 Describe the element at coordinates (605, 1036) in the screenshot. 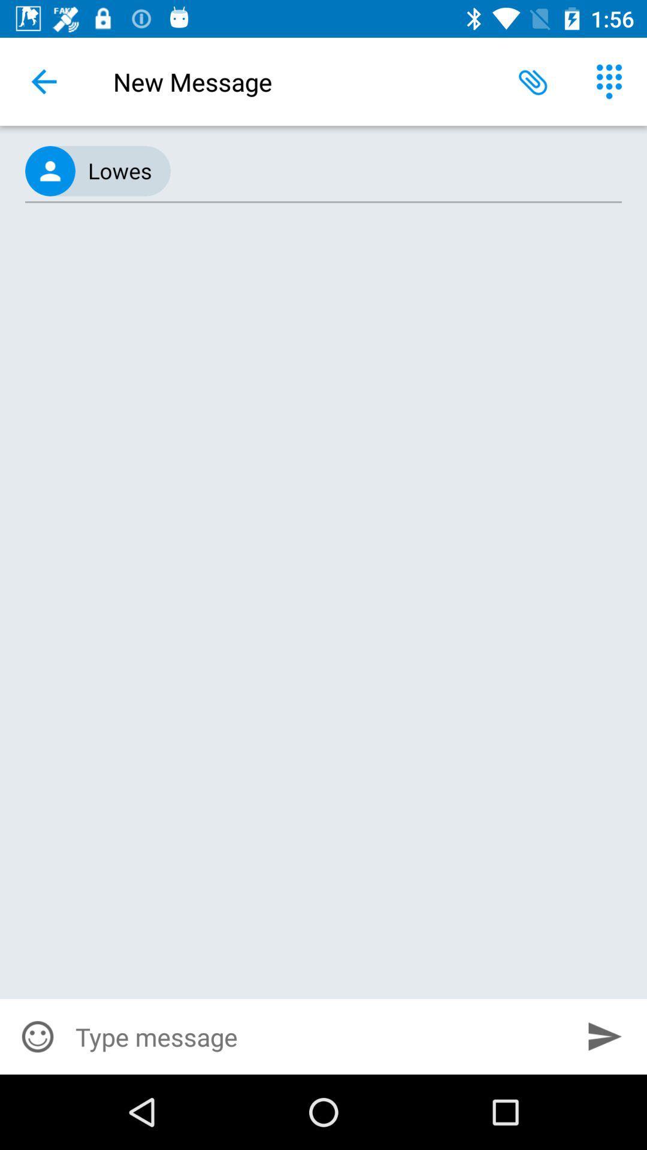

I see `the send icon` at that location.